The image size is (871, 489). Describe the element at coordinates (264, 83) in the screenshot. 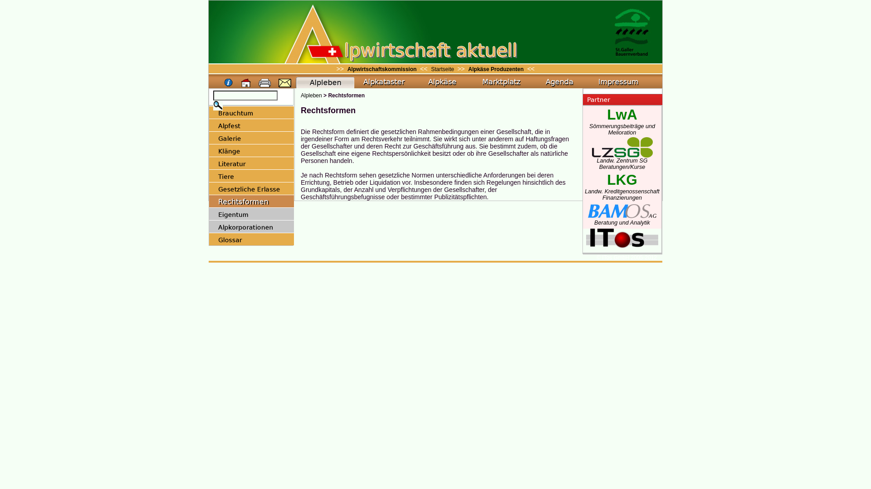

I see `'Print'` at that location.